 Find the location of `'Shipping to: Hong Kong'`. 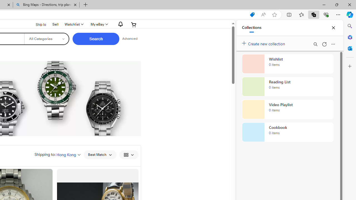

'Shipping to: Hong Kong' is located at coordinates (58, 154).